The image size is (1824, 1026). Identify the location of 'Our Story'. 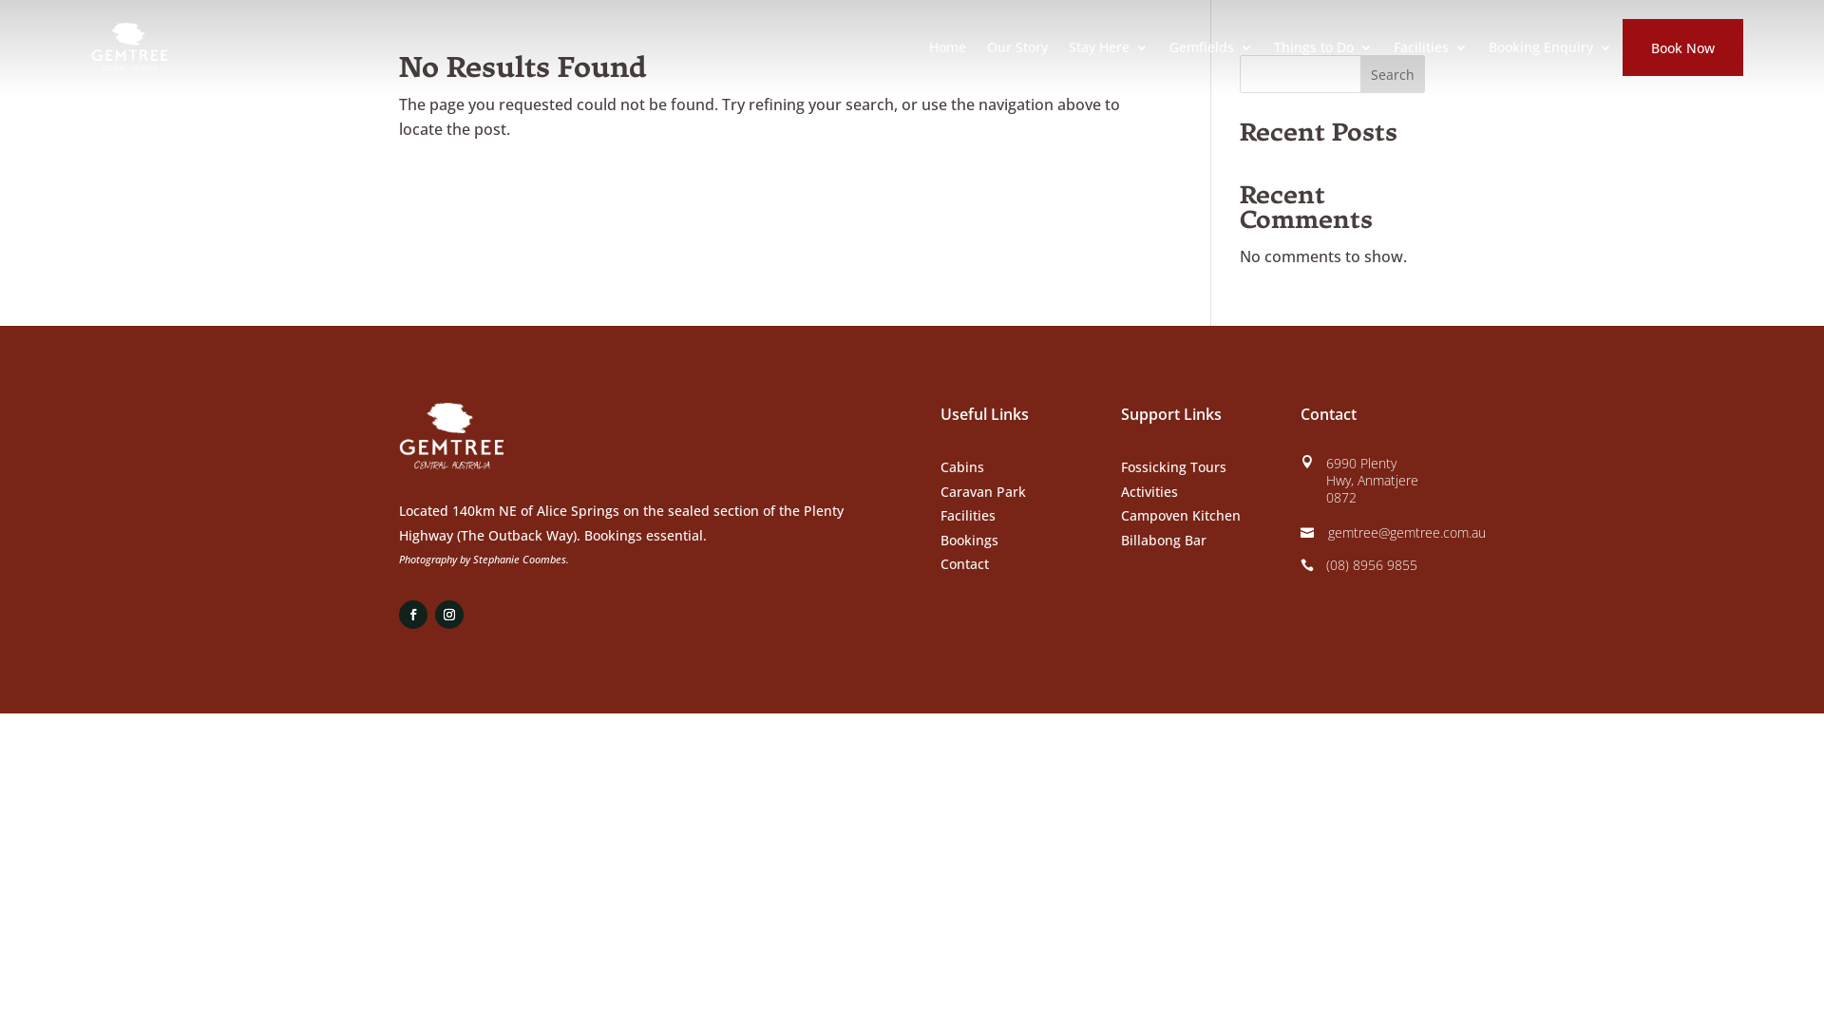
(986, 47).